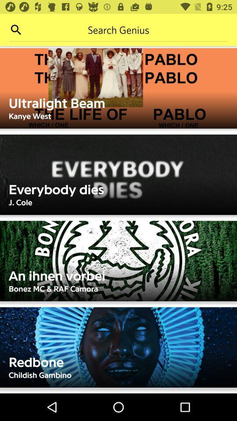  What do you see at coordinates (118, 30) in the screenshot?
I see `search bar` at bounding box center [118, 30].